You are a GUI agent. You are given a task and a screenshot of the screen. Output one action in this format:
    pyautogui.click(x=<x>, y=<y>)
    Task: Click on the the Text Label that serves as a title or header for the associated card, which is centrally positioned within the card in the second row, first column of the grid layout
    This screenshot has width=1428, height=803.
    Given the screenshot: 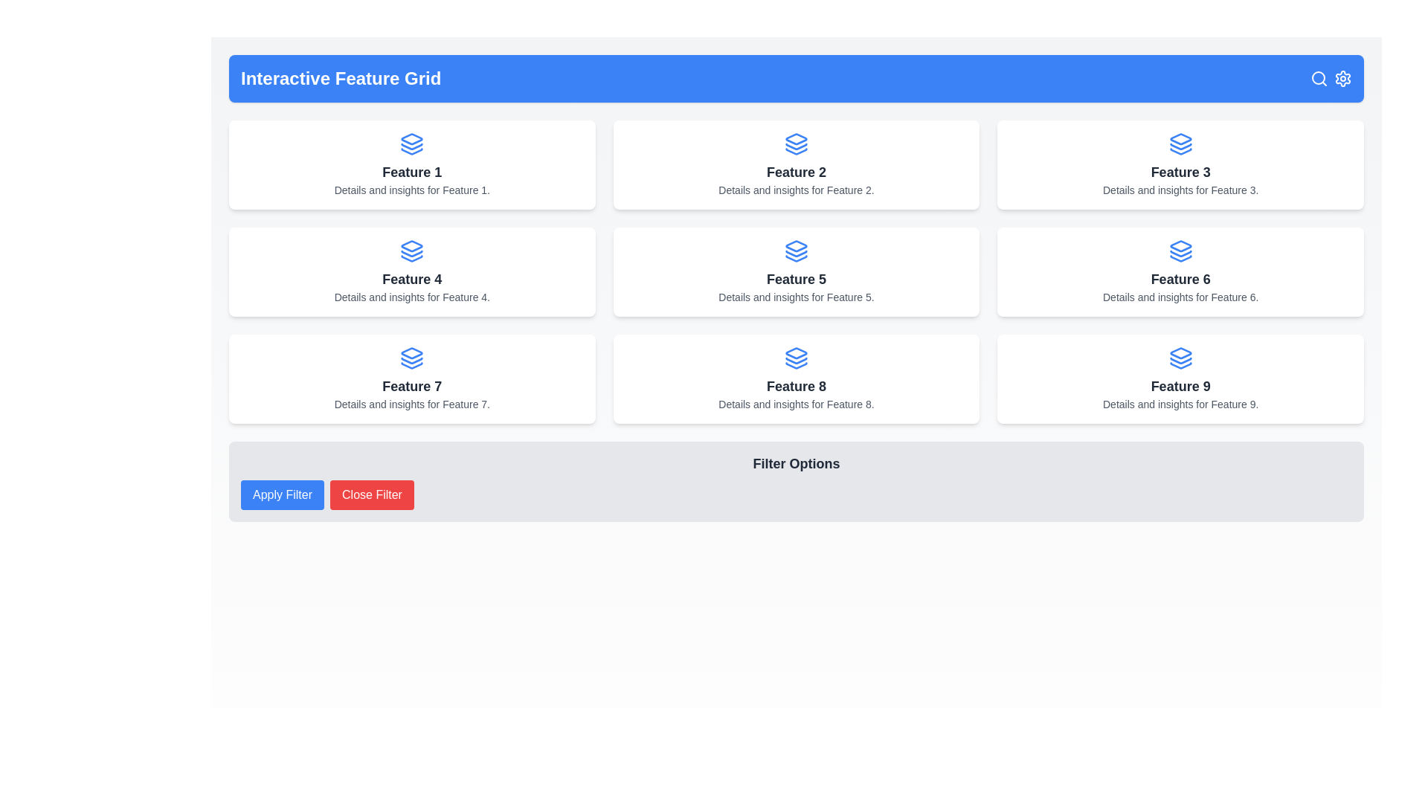 What is the action you would take?
    pyautogui.click(x=412, y=279)
    